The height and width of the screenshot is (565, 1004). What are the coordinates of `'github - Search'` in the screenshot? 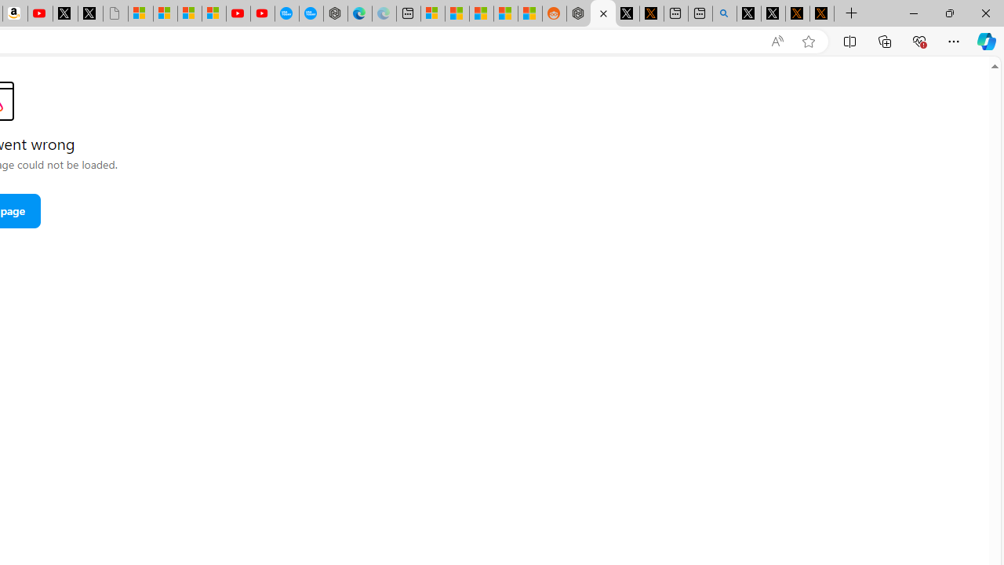 It's located at (724, 13).